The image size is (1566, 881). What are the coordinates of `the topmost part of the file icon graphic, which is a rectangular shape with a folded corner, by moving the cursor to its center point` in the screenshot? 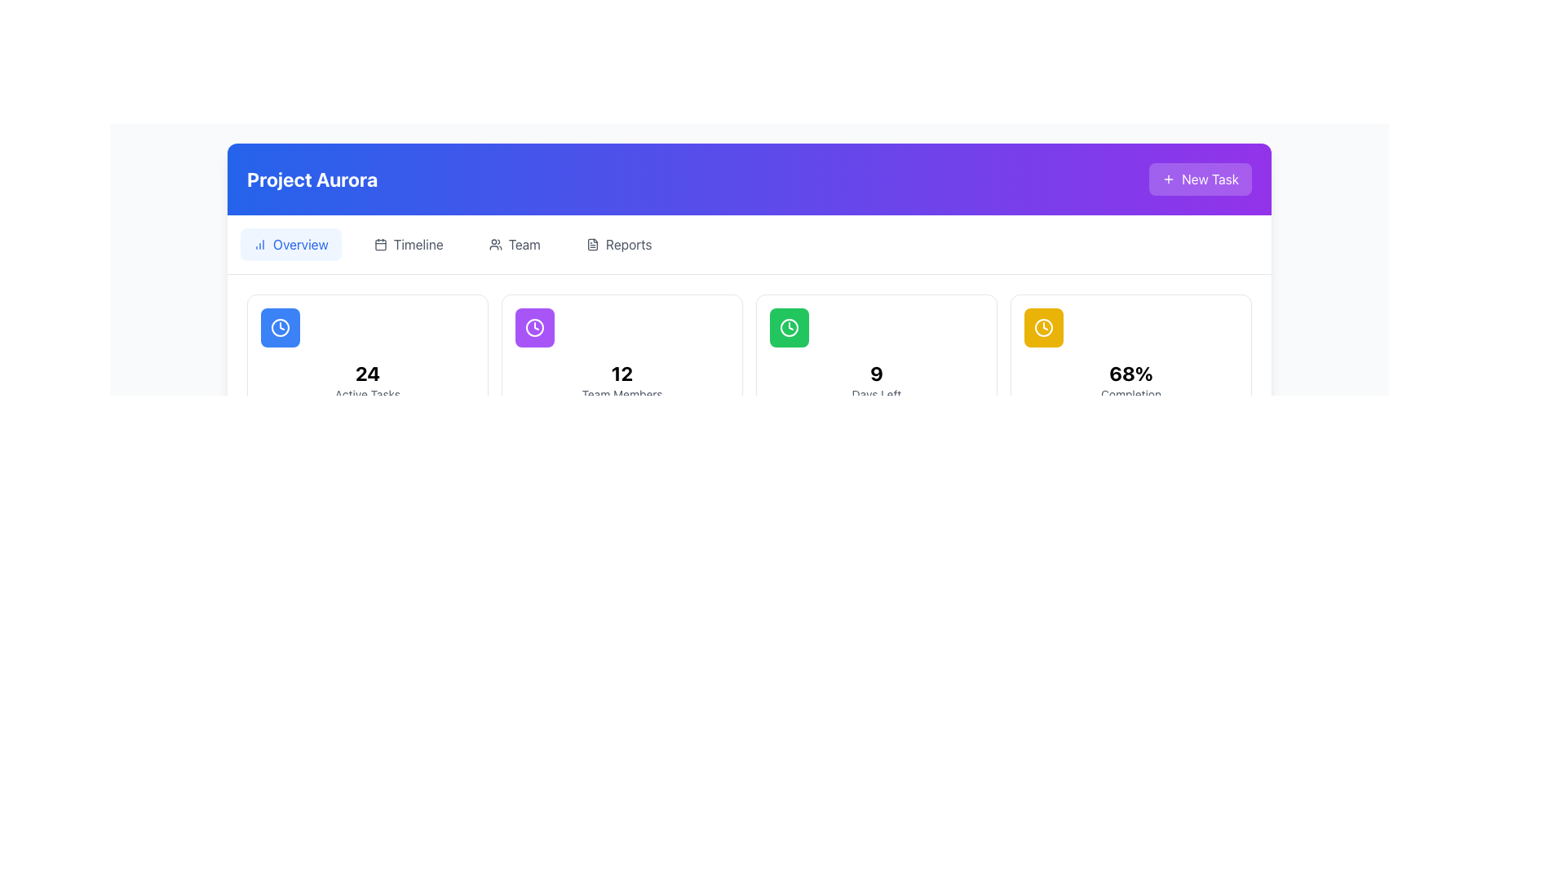 It's located at (591, 245).